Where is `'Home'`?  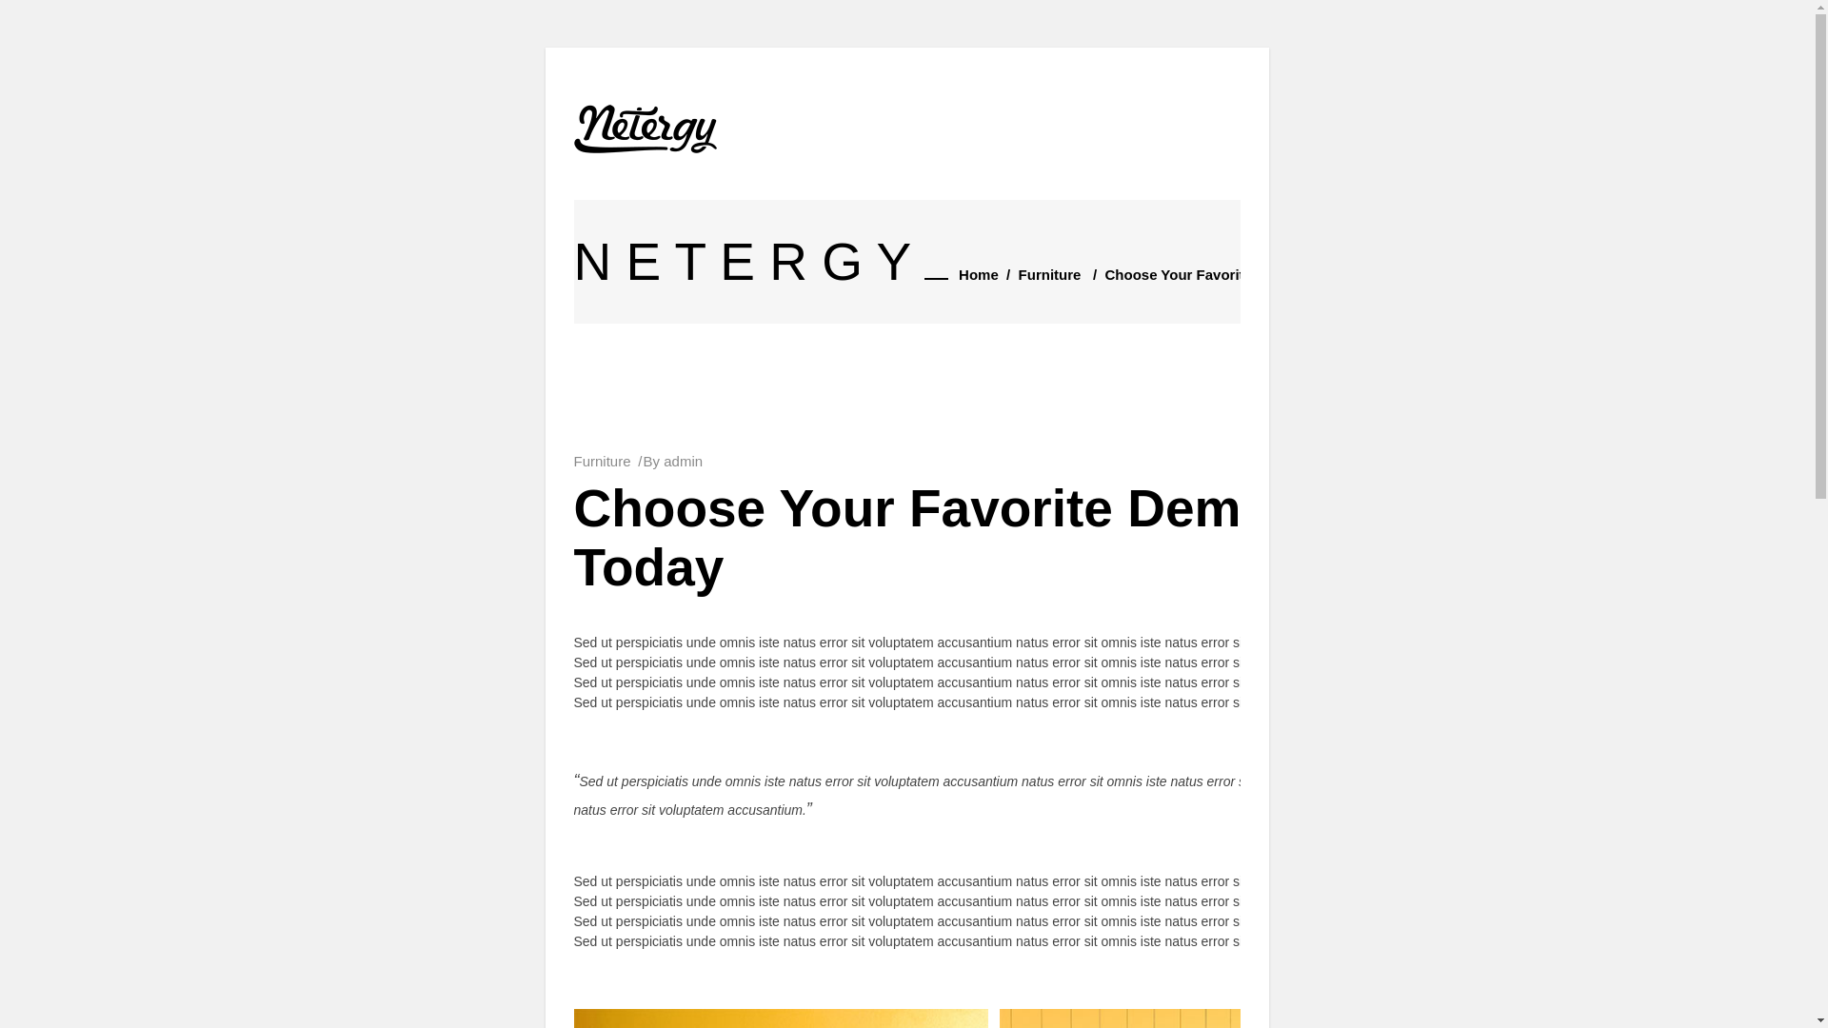 'Home' is located at coordinates (959, 275).